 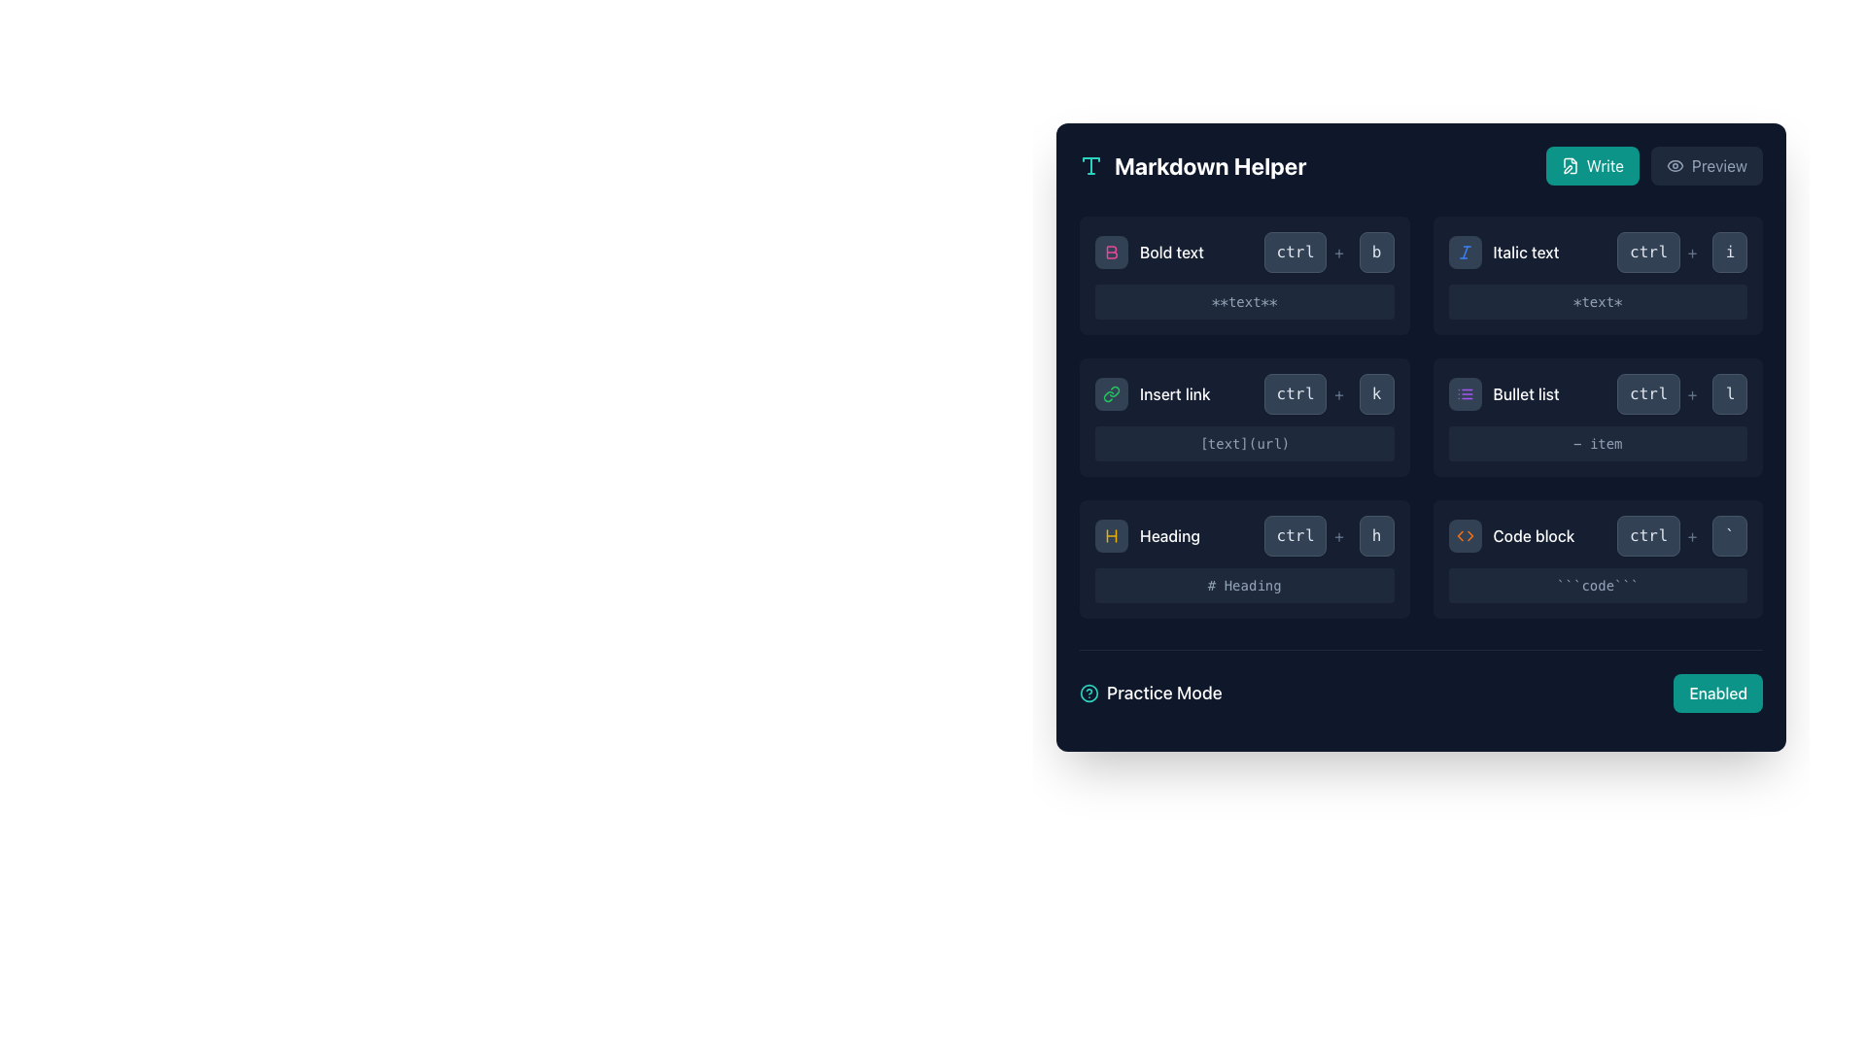 What do you see at coordinates (1570, 164) in the screenshot?
I see `the file document icon with a pen, which is a vector graphic component positioned in the top-right section of the interface` at bounding box center [1570, 164].